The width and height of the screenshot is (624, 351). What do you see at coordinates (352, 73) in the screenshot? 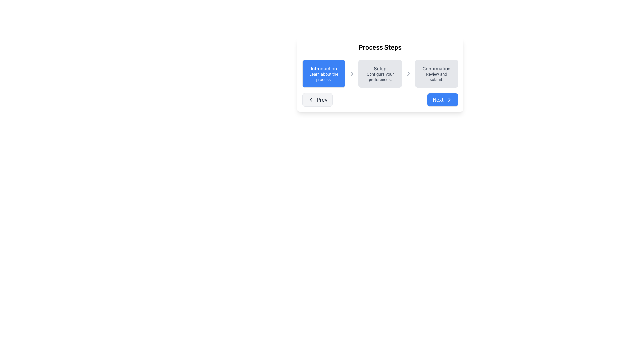
I see `the SVG icon that indicates the flow from the 'Introduction' step to the 'Setup' step to trigger a tooltip` at bounding box center [352, 73].